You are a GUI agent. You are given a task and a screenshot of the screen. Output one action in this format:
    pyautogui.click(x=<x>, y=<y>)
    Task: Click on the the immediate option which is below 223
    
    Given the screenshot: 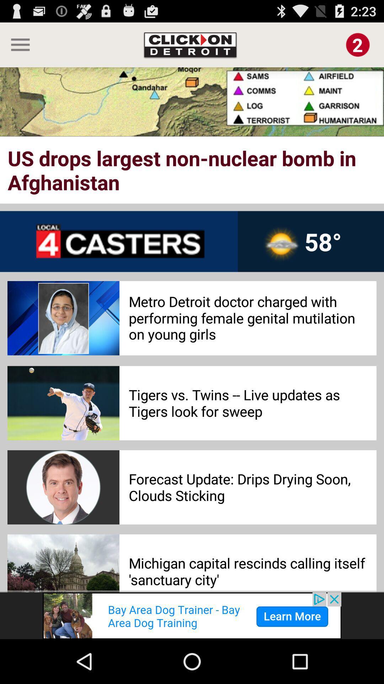 What is the action you would take?
    pyautogui.click(x=358, y=44)
    